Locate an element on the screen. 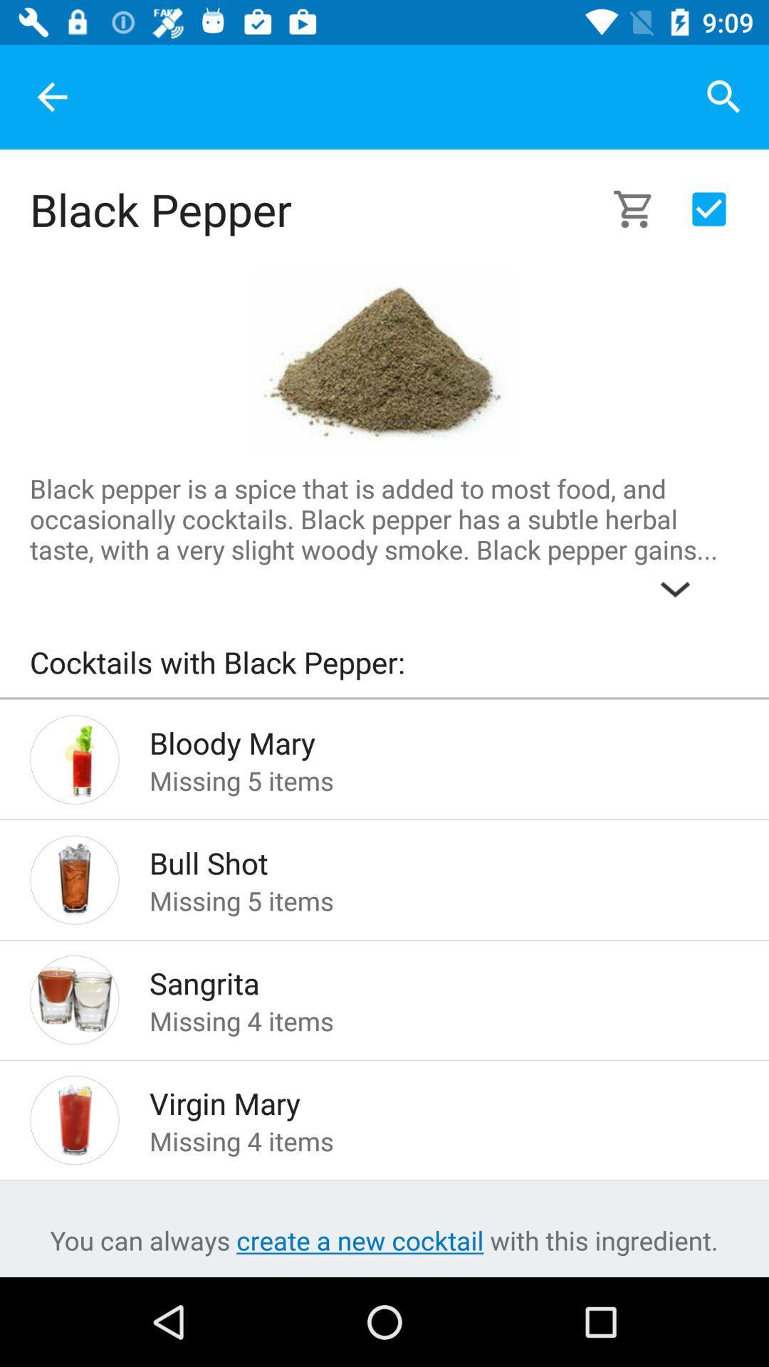 The height and width of the screenshot is (1367, 769). the search icon is located at coordinates (724, 97).